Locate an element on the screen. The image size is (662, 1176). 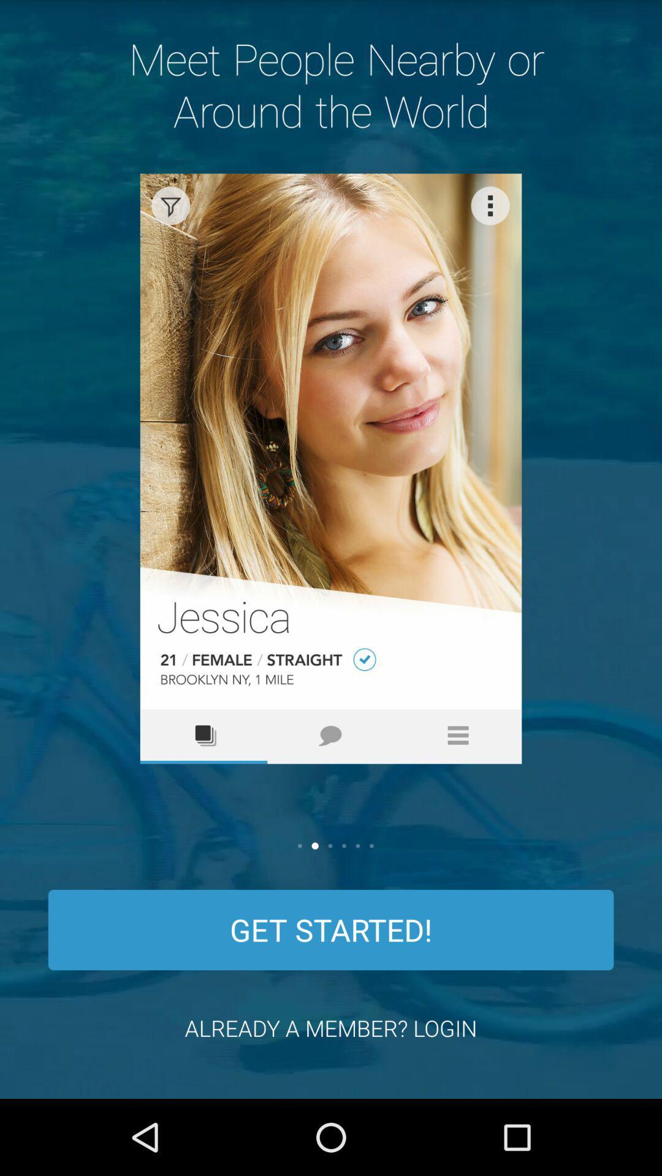
already a member icon is located at coordinates (331, 1028).